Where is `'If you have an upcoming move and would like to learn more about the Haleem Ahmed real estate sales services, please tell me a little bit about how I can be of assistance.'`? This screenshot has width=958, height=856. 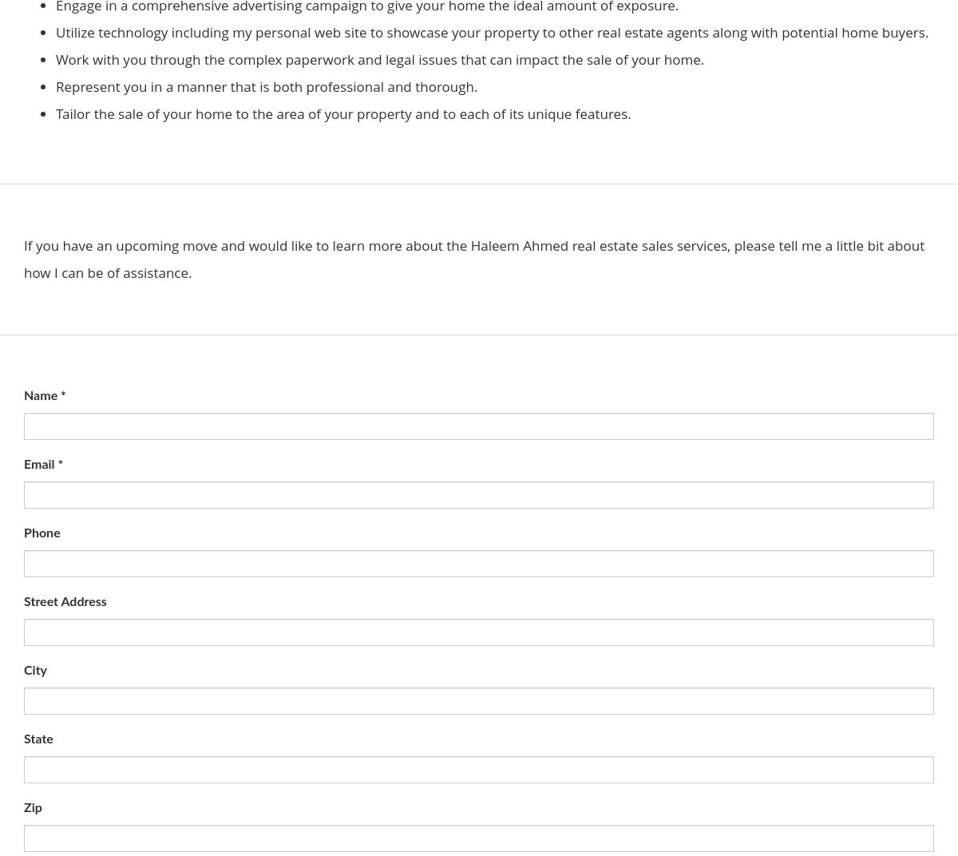
'If you have an upcoming move and would like to learn more about the Haleem Ahmed real estate sales services, please tell me a little bit about how I can be of assistance.' is located at coordinates (24, 258).